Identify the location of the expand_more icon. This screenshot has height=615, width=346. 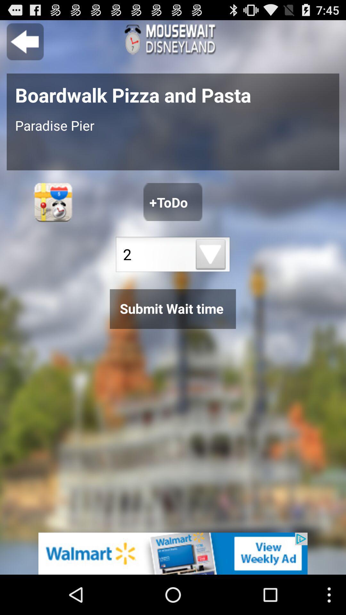
(211, 274).